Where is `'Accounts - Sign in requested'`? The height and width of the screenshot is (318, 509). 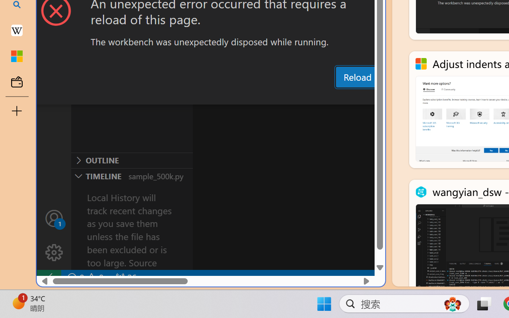 'Accounts - Sign in requested' is located at coordinates (53, 218).